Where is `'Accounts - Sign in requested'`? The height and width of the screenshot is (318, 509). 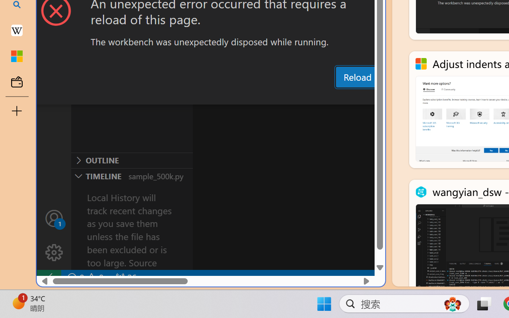 'Accounts - Sign in requested' is located at coordinates (53, 218).